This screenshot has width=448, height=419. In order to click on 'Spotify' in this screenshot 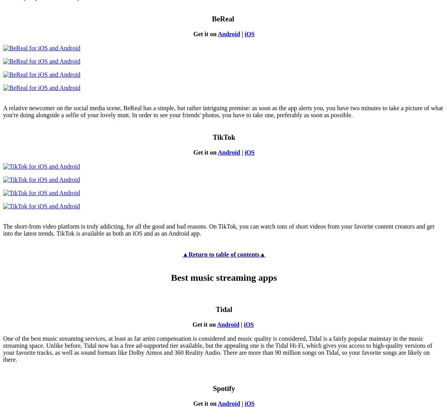, I will do `click(224, 388)`.